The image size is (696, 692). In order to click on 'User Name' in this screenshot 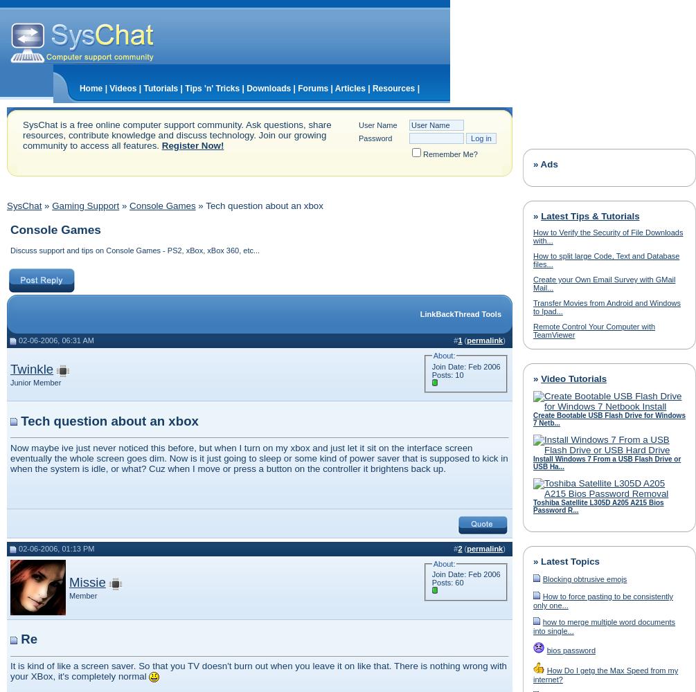, I will do `click(377, 125)`.